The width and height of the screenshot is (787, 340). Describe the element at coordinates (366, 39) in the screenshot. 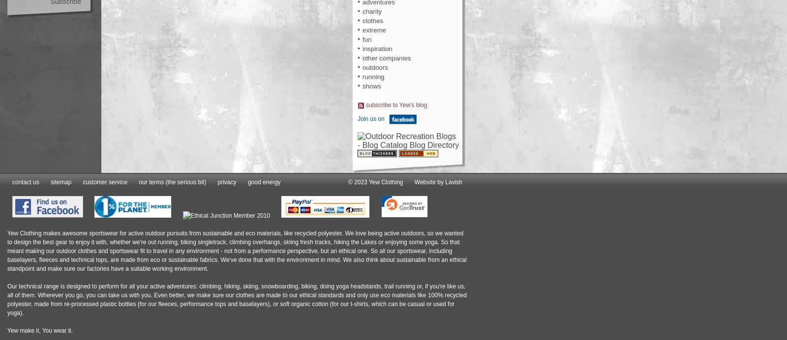

I see `'fun'` at that location.